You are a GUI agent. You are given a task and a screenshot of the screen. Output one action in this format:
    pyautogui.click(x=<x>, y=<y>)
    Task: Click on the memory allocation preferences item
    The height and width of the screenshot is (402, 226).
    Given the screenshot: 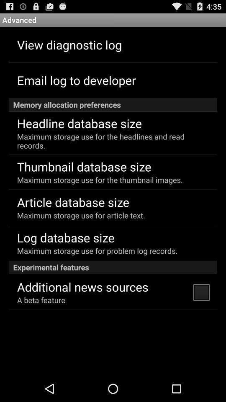 What is the action you would take?
    pyautogui.click(x=113, y=104)
    